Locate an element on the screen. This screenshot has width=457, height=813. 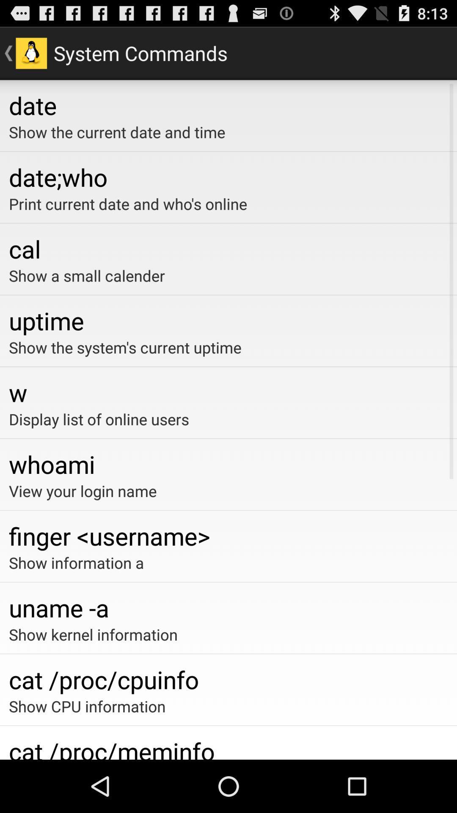
the app above finger <username> app is located at coordinates (228, 491).